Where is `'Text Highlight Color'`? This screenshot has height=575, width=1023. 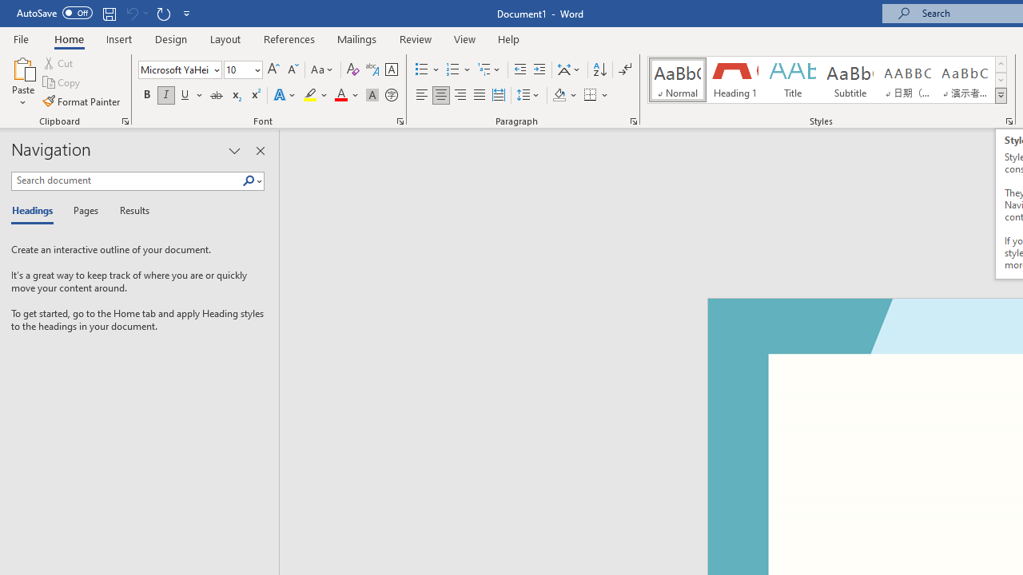 'Text Highlight Color' is located at coordinates (316, 95).